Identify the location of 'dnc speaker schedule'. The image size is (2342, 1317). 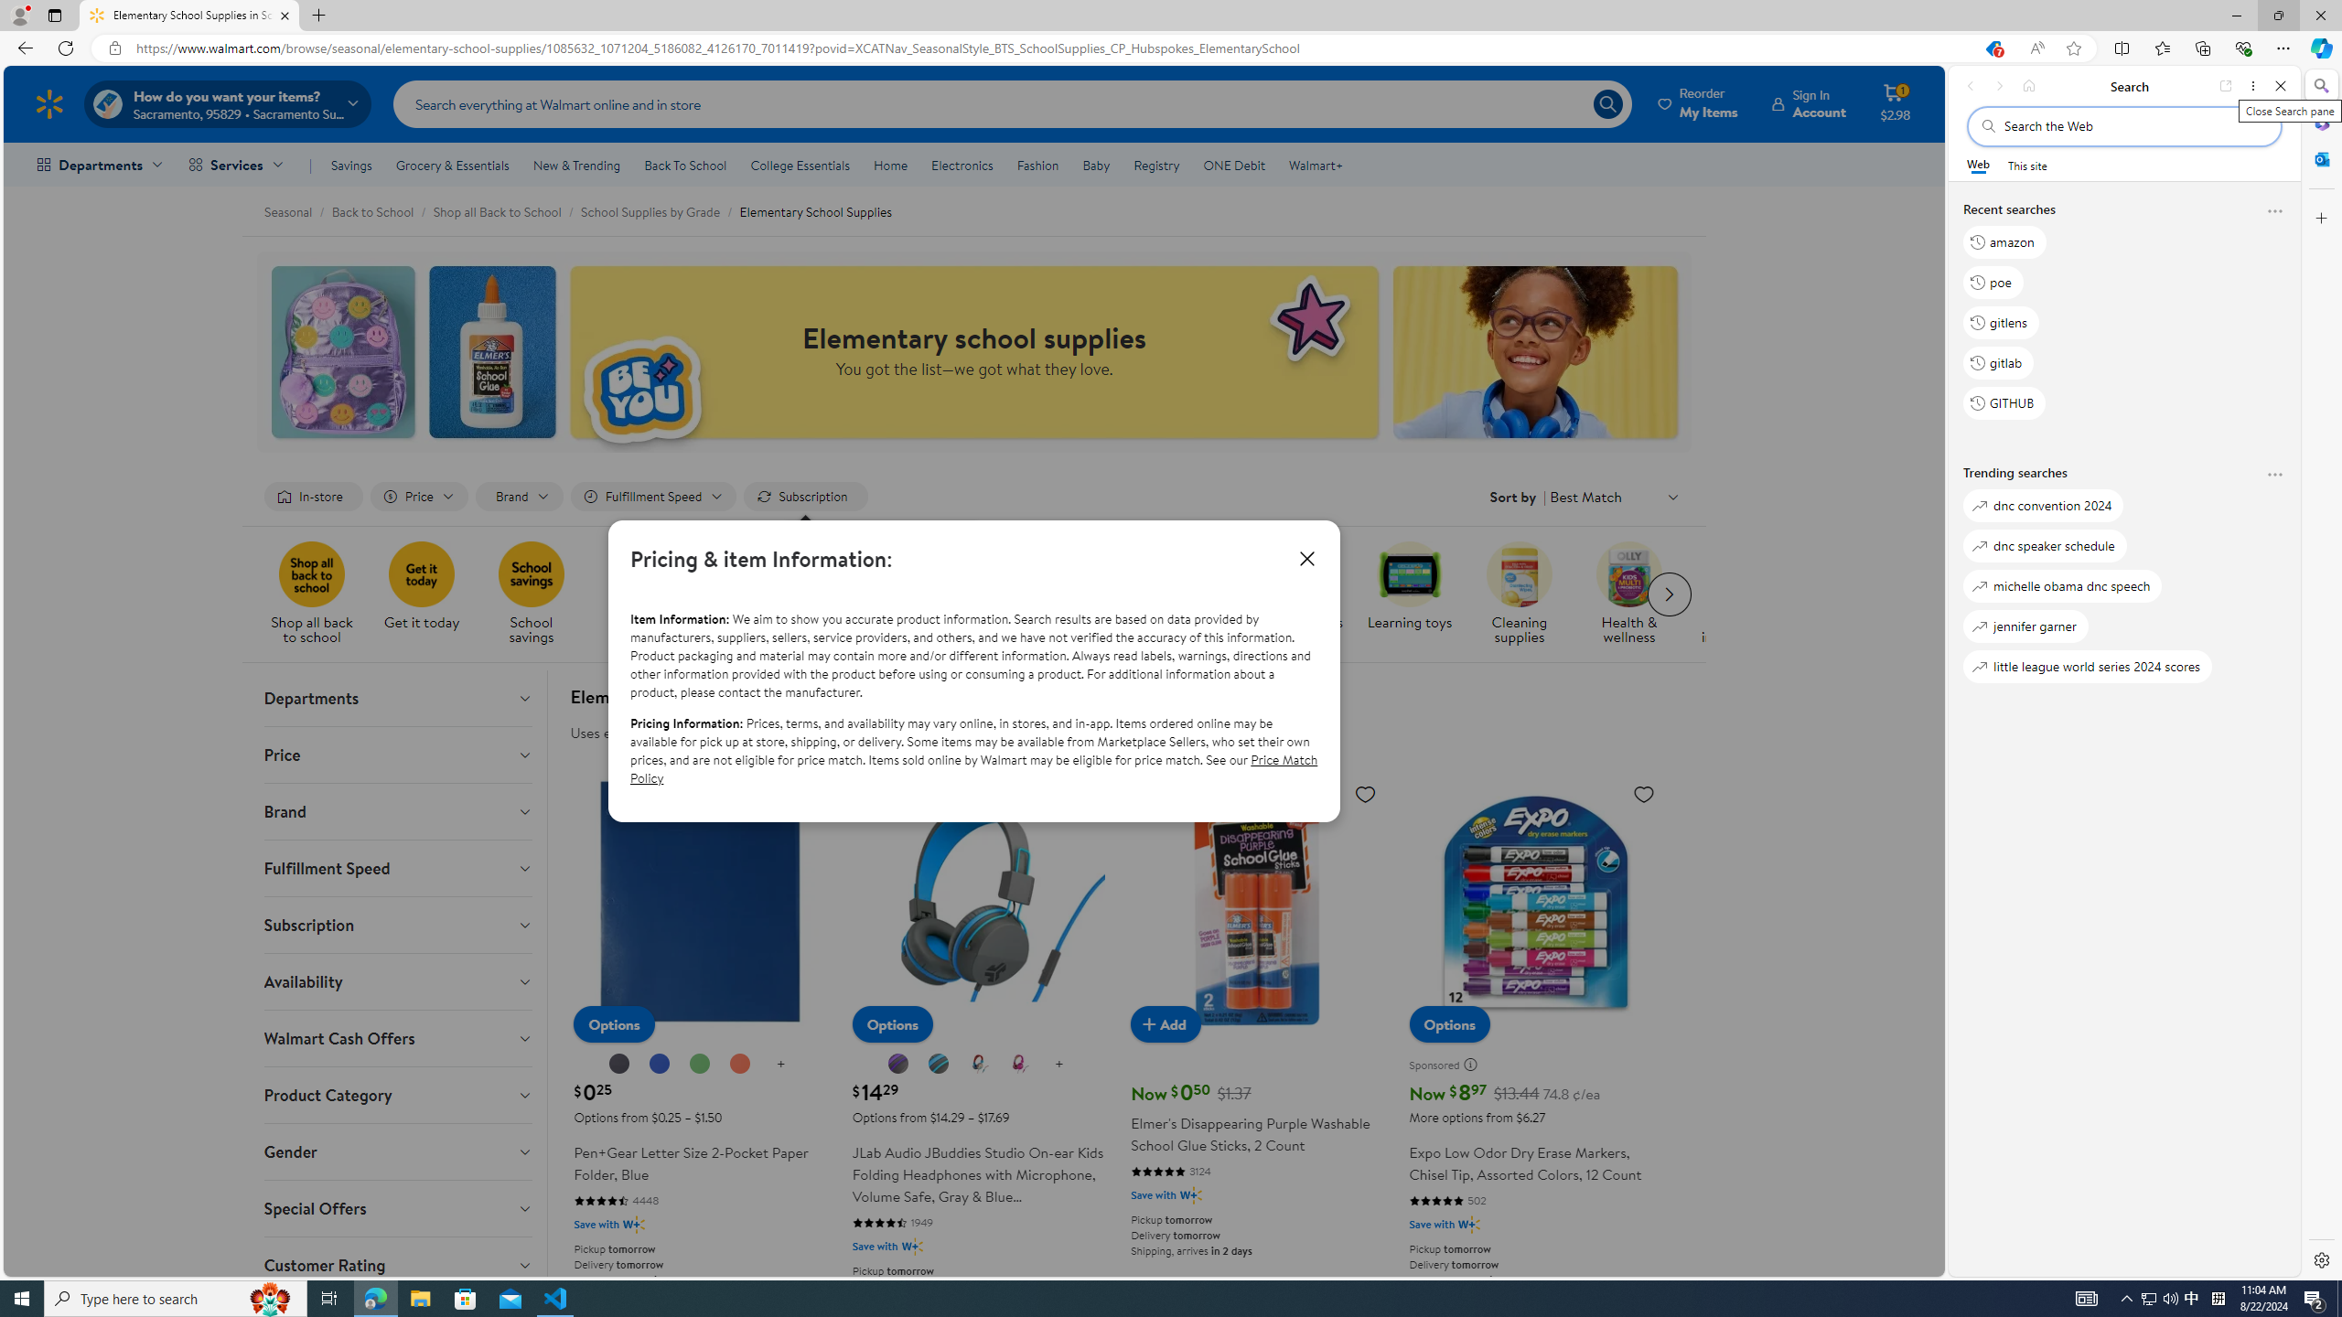
(2043, 544).